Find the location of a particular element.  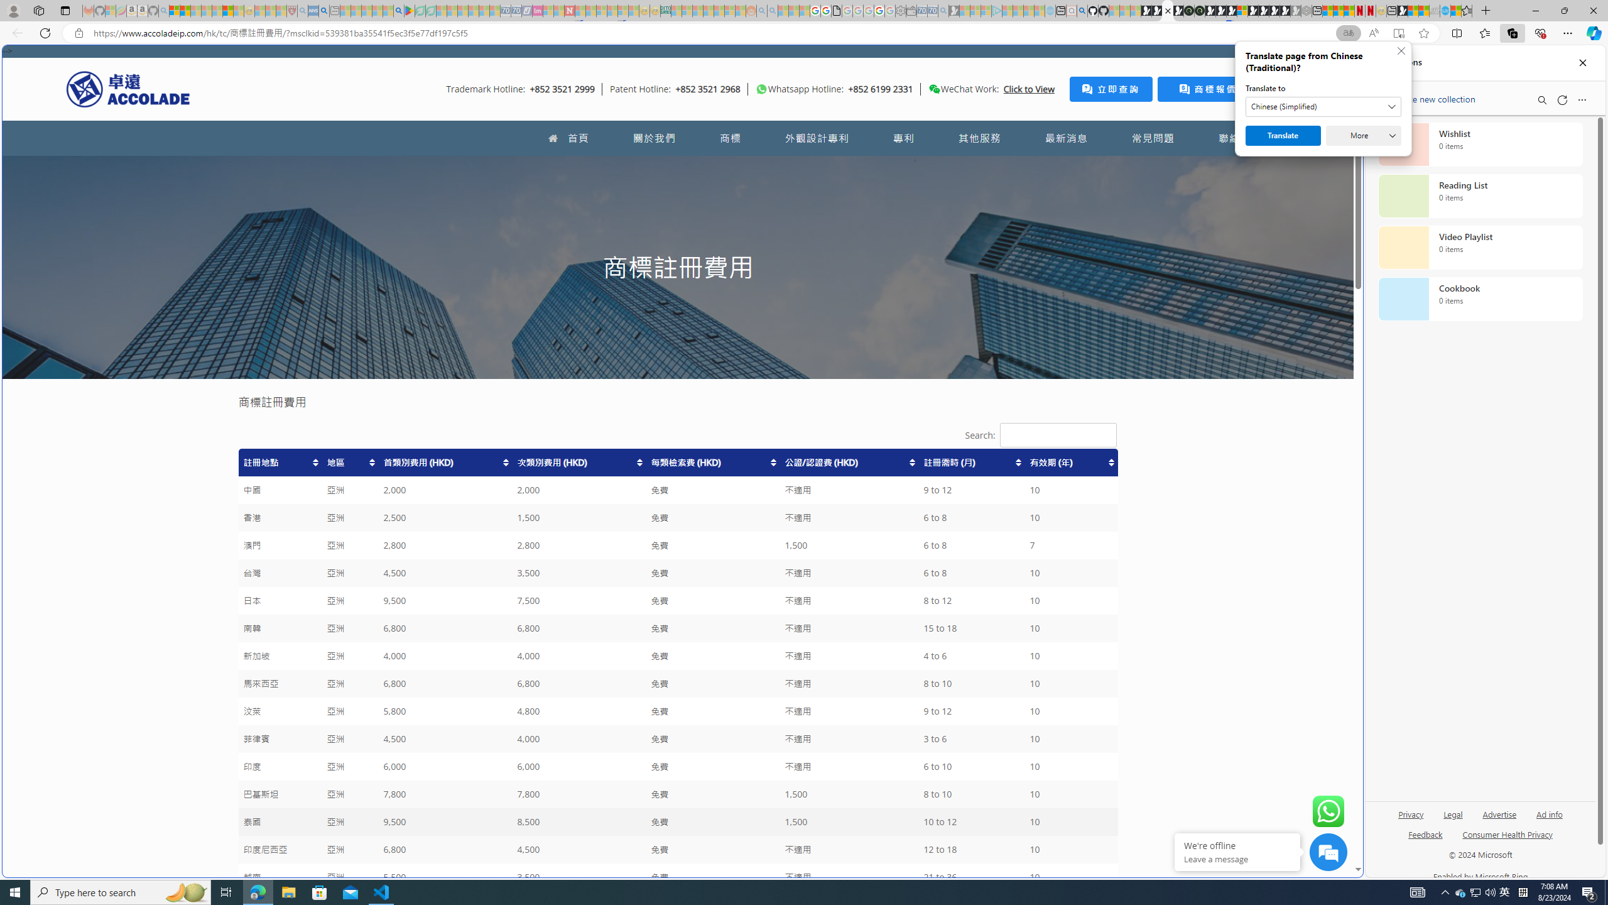

'Recipes - MSN - Sleeping' is located at coordinates (259, 10).